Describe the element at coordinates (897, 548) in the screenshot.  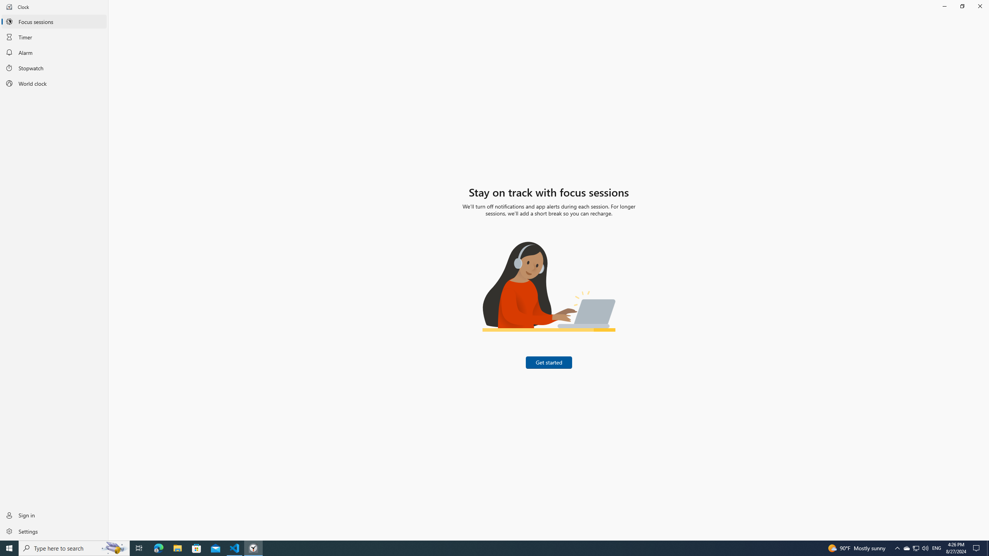
I see `'Notification Chevron'` at that location.